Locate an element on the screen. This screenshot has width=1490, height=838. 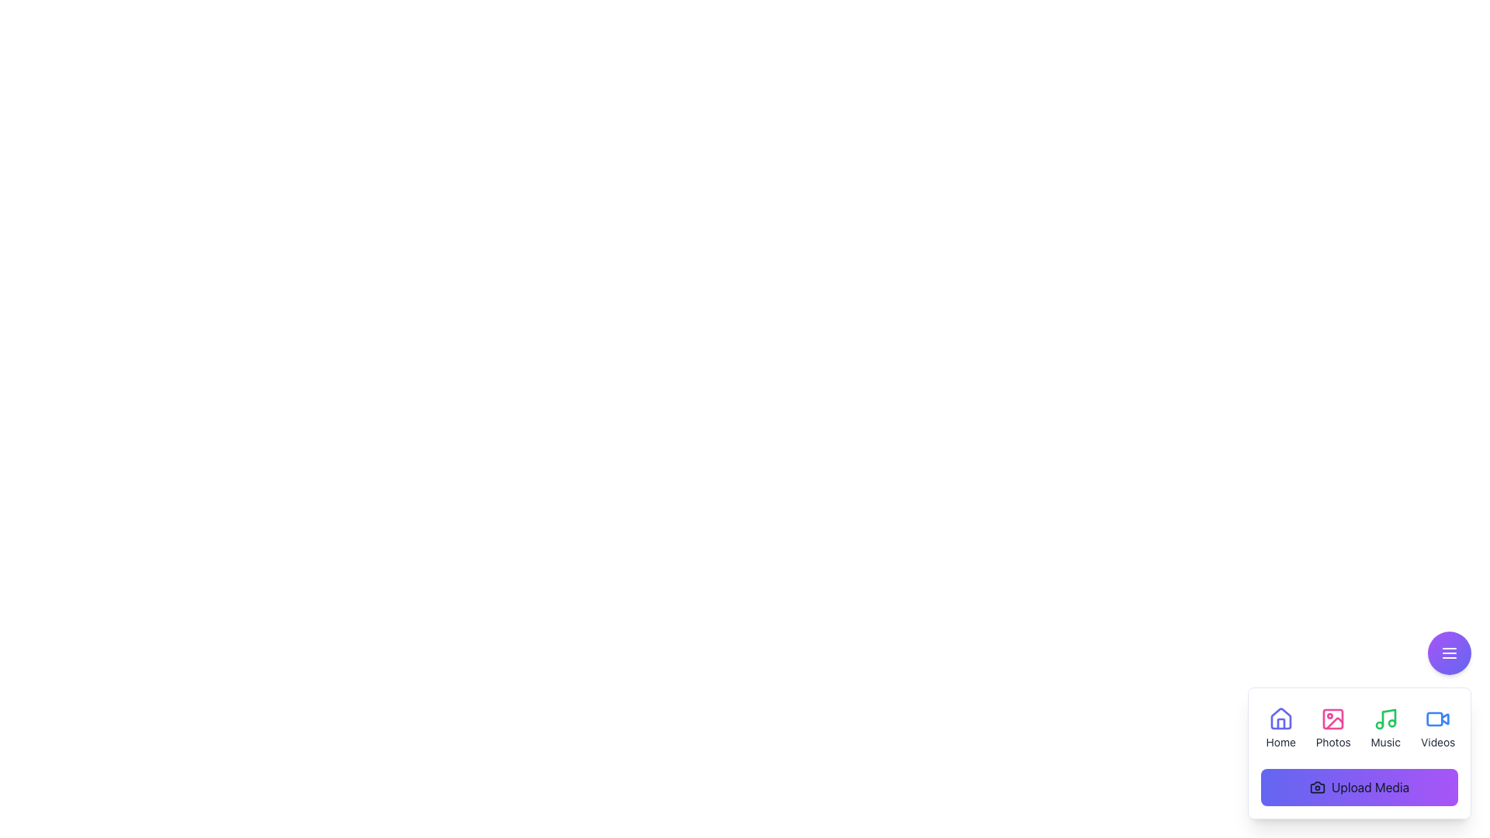
the 'Videos' text label, which is displayed in a small font size and styled with a dark color, located directly beneath a video camera icon in a vertical group of elements is located at coordinates (1437, 741).